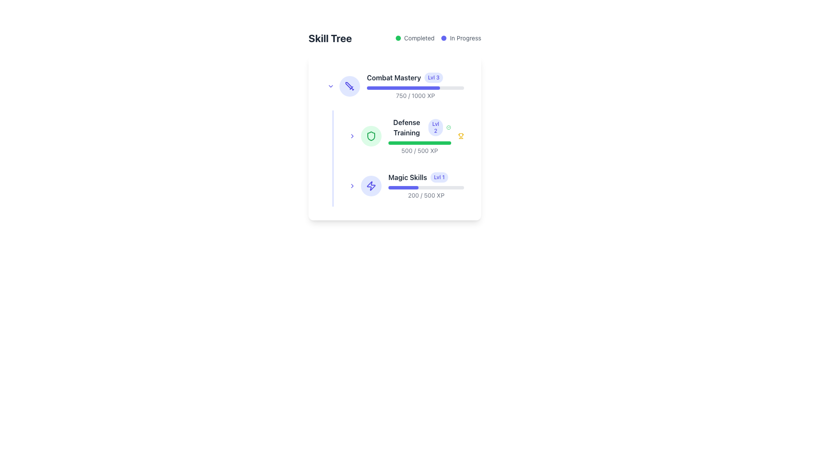 This screenshot has width=825, height=464. I want to click on the green shield icon that is part of the 'Defense Training' skill item, located to the left of the 'Defense Training' label, so click(371, 135).